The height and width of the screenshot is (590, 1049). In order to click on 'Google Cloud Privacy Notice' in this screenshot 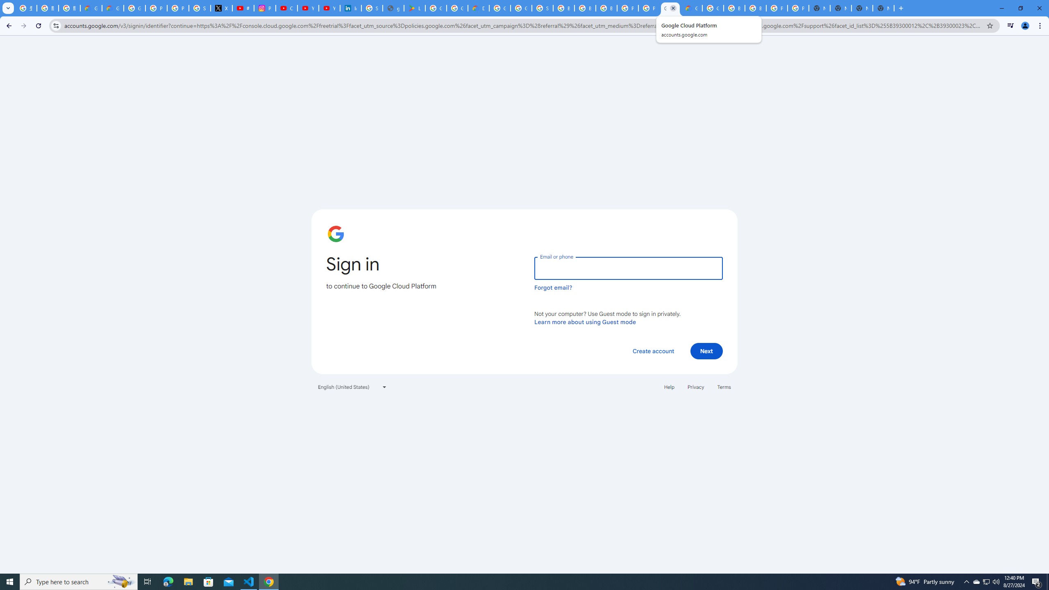, I will do `click(91, 8)`.